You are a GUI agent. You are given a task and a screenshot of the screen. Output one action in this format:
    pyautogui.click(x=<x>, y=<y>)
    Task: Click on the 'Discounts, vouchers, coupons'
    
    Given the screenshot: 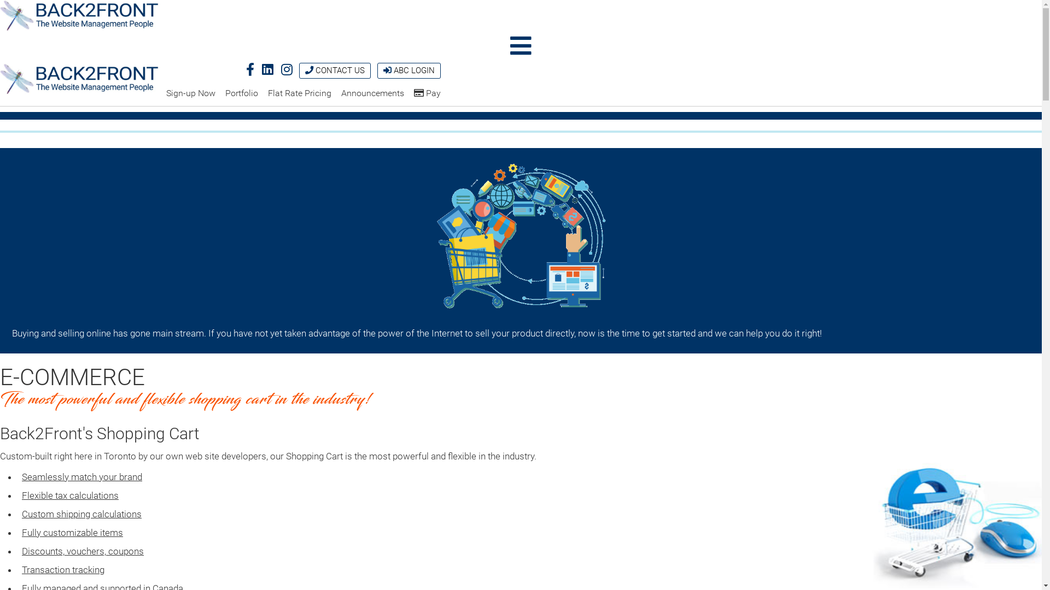 What is the action you would take?
    pyautogui.click(x=82, y=551)
    